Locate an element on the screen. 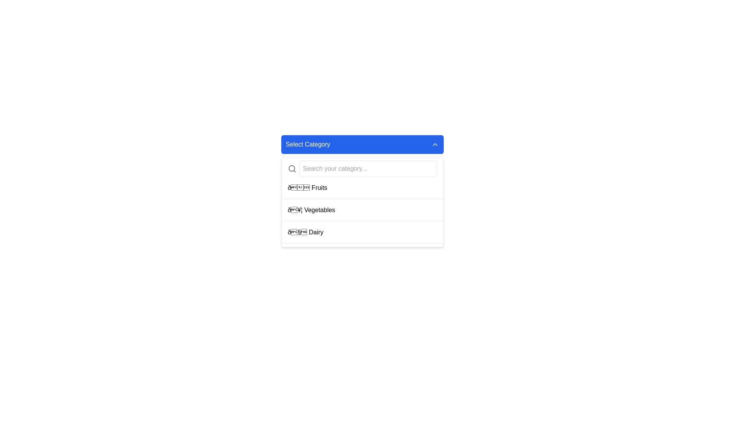 The width and height of the screenshot is (750, 422). the 'Fruits' dropdown list item is located at coordinates (362, 191).